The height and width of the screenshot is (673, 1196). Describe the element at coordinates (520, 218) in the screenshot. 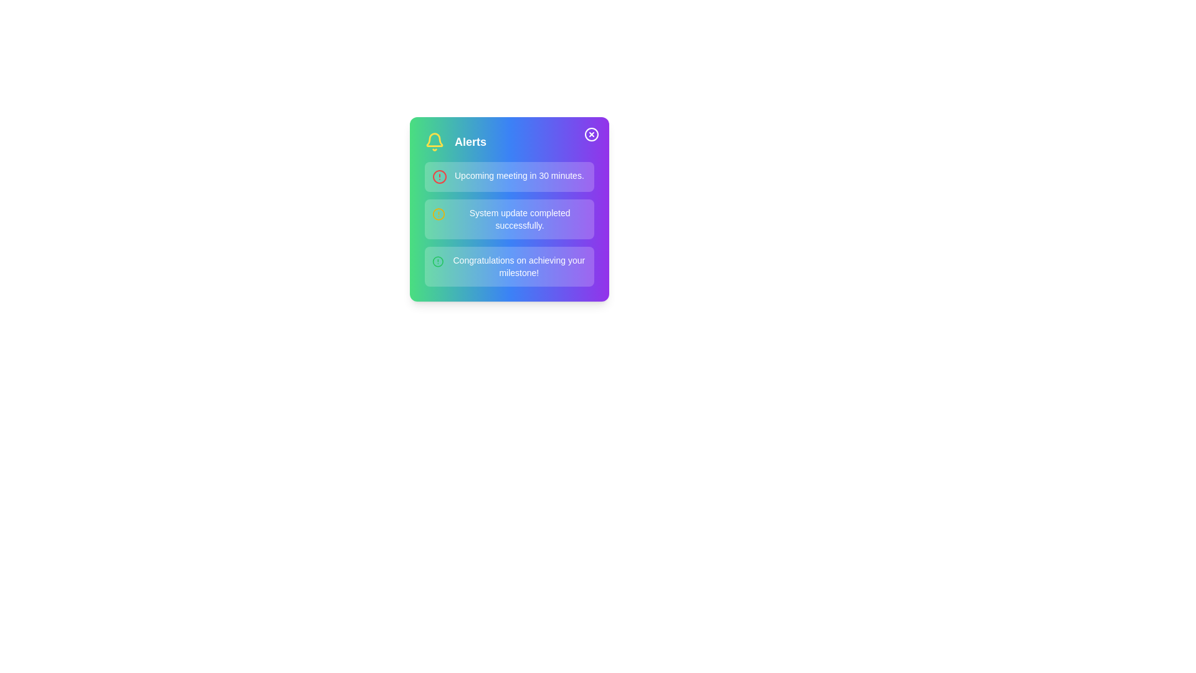

I see `the text label displaying 'System update completed successfully.' which is located to the right of a yellow circular alert icon in a horizontally aligned layout within a card-like notification interface` at that location.